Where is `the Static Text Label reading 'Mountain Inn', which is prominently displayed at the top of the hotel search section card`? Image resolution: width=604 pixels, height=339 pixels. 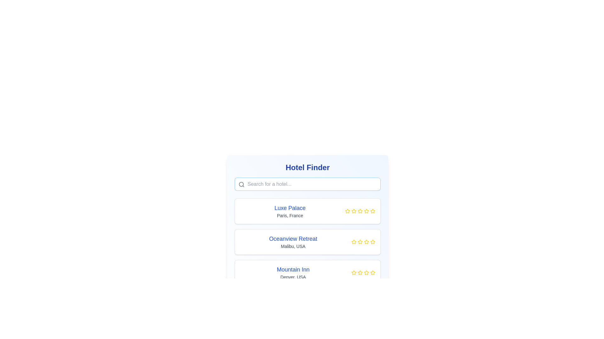 the Static Text Label reading 'Mountain Inn', which is prominently displayed at the top of the hotel search section card is located at coordinates (293, 269).